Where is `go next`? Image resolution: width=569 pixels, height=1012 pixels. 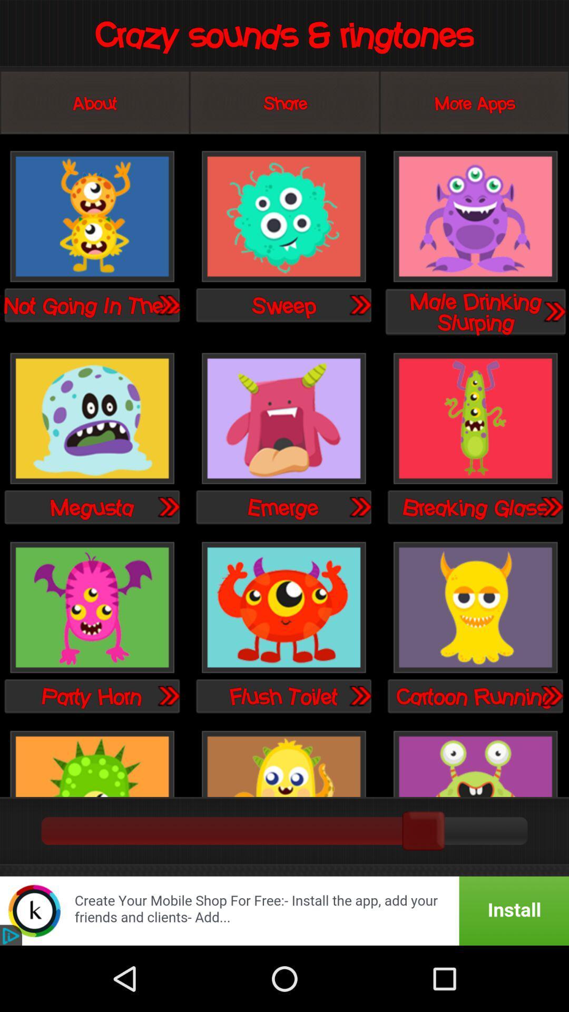 go next is located at coordinates (168, 507).